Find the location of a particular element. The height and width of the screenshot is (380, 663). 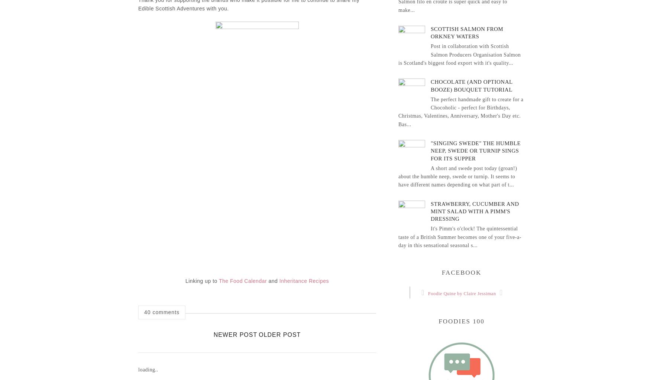

'It's Pimm's o'clock! The quintessential taste of a British Summer becomes one of your five-a-day in this sensational seasonal s...' is located at coordinates (459, 237).